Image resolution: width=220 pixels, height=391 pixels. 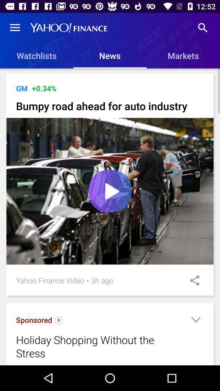 What do you see at coordinates (195, 321) in the screenshot?
I see `additional information` at bounding box center [195, 321].